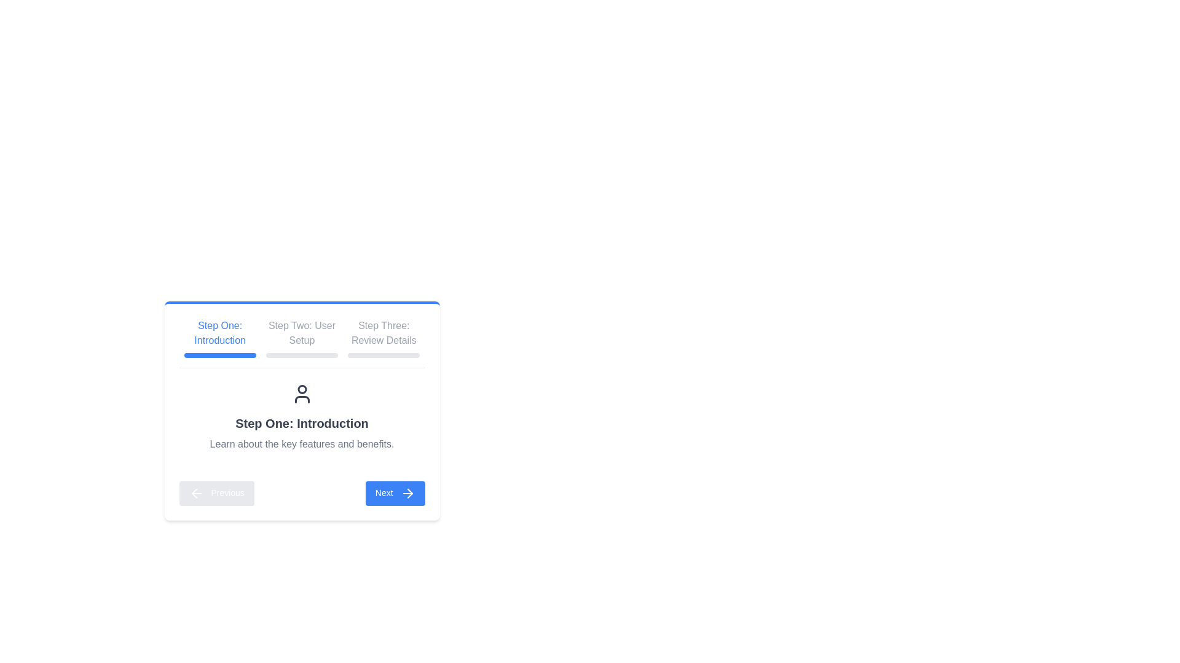 Image resolution: width=1180 pixels, height=663 pixels. I want to click on the lower curved part of the user icon, which is part of an SVG graphic situated above the text 'Step One: Introduction', so click(302, 400).